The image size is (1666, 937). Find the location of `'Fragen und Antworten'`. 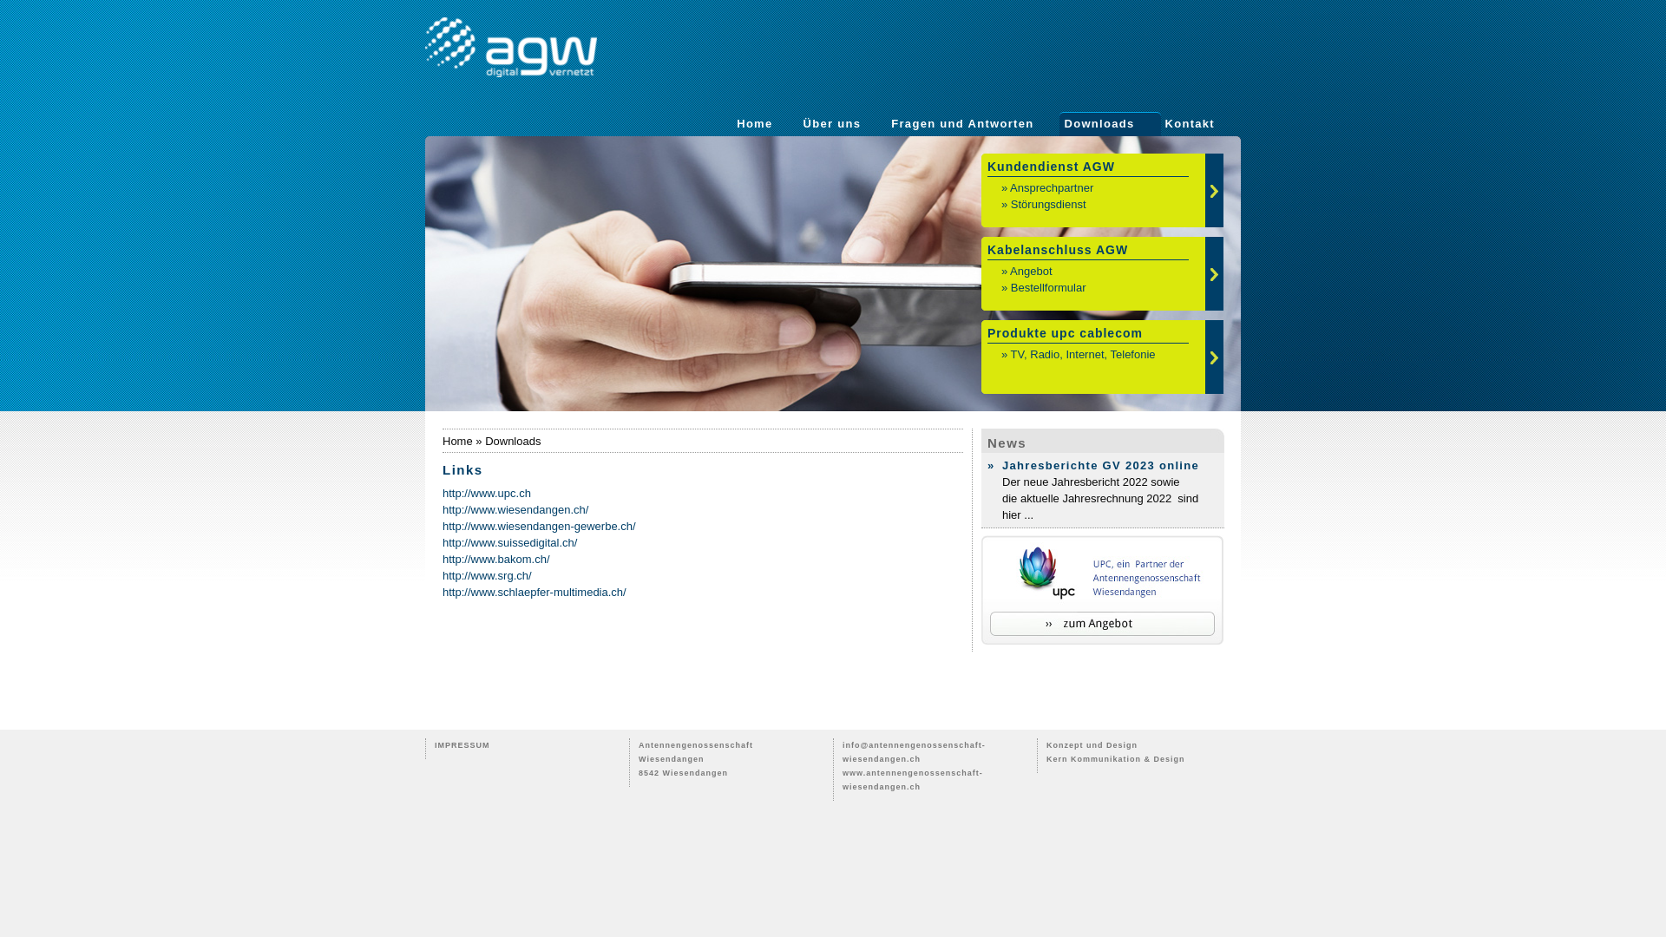

'Fragen und Antworten' is located at coordinates (961, 122).